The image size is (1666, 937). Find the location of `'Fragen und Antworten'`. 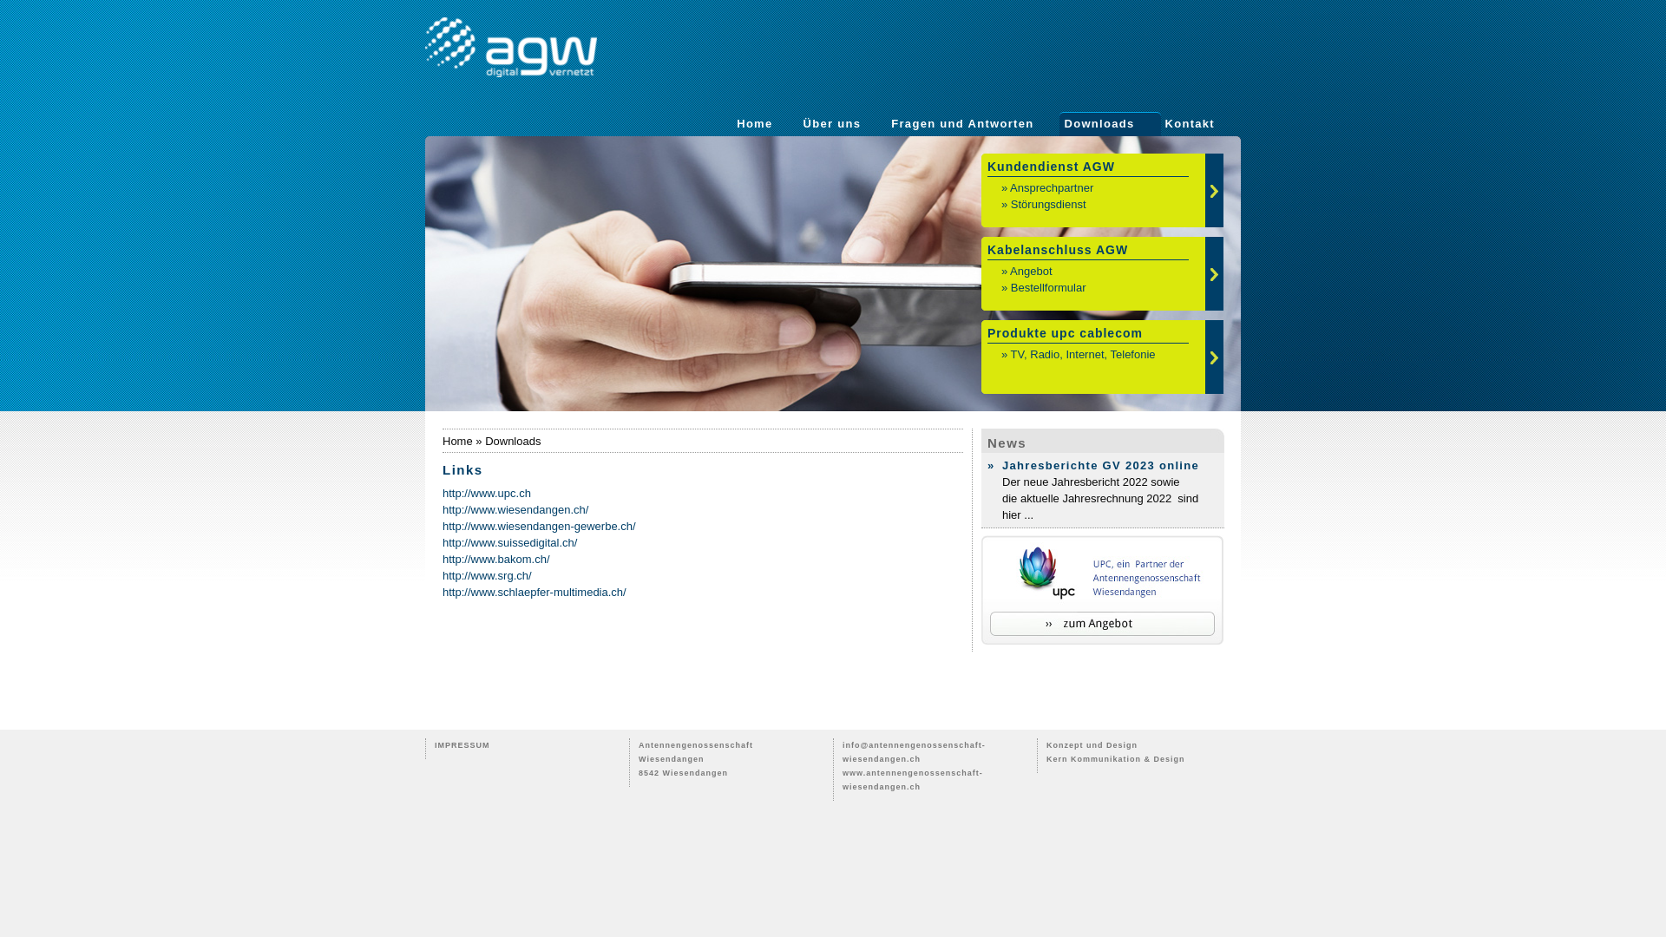

'Fragen und Antworten' is located at coordinates (961, 122).